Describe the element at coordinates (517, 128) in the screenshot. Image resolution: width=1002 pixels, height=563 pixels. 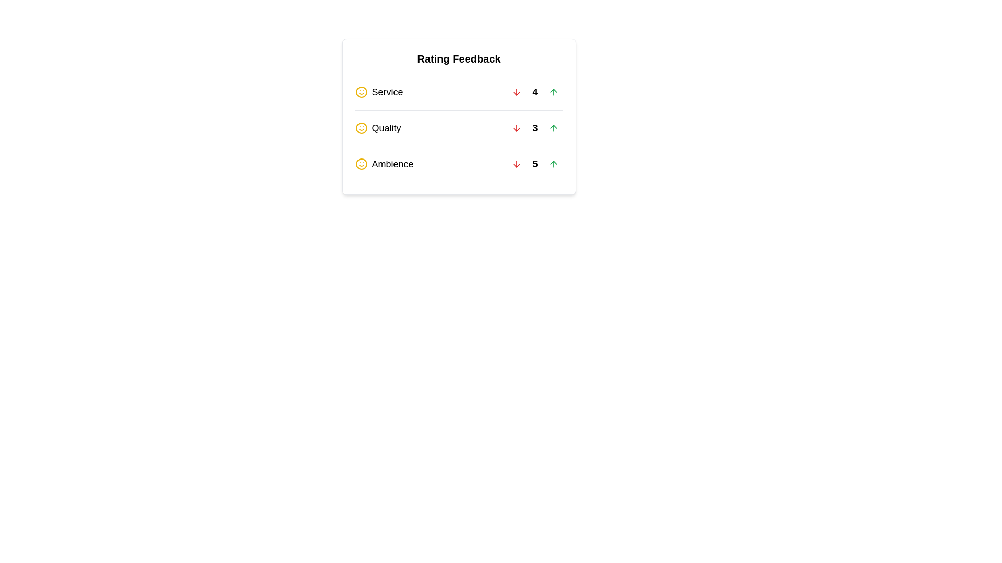
I see `the downward arrow icon button located to the right of the row labeled 'Quality', positioned between the rating number '3' and the green upward arrow icon, to decrease the rating` at that location.